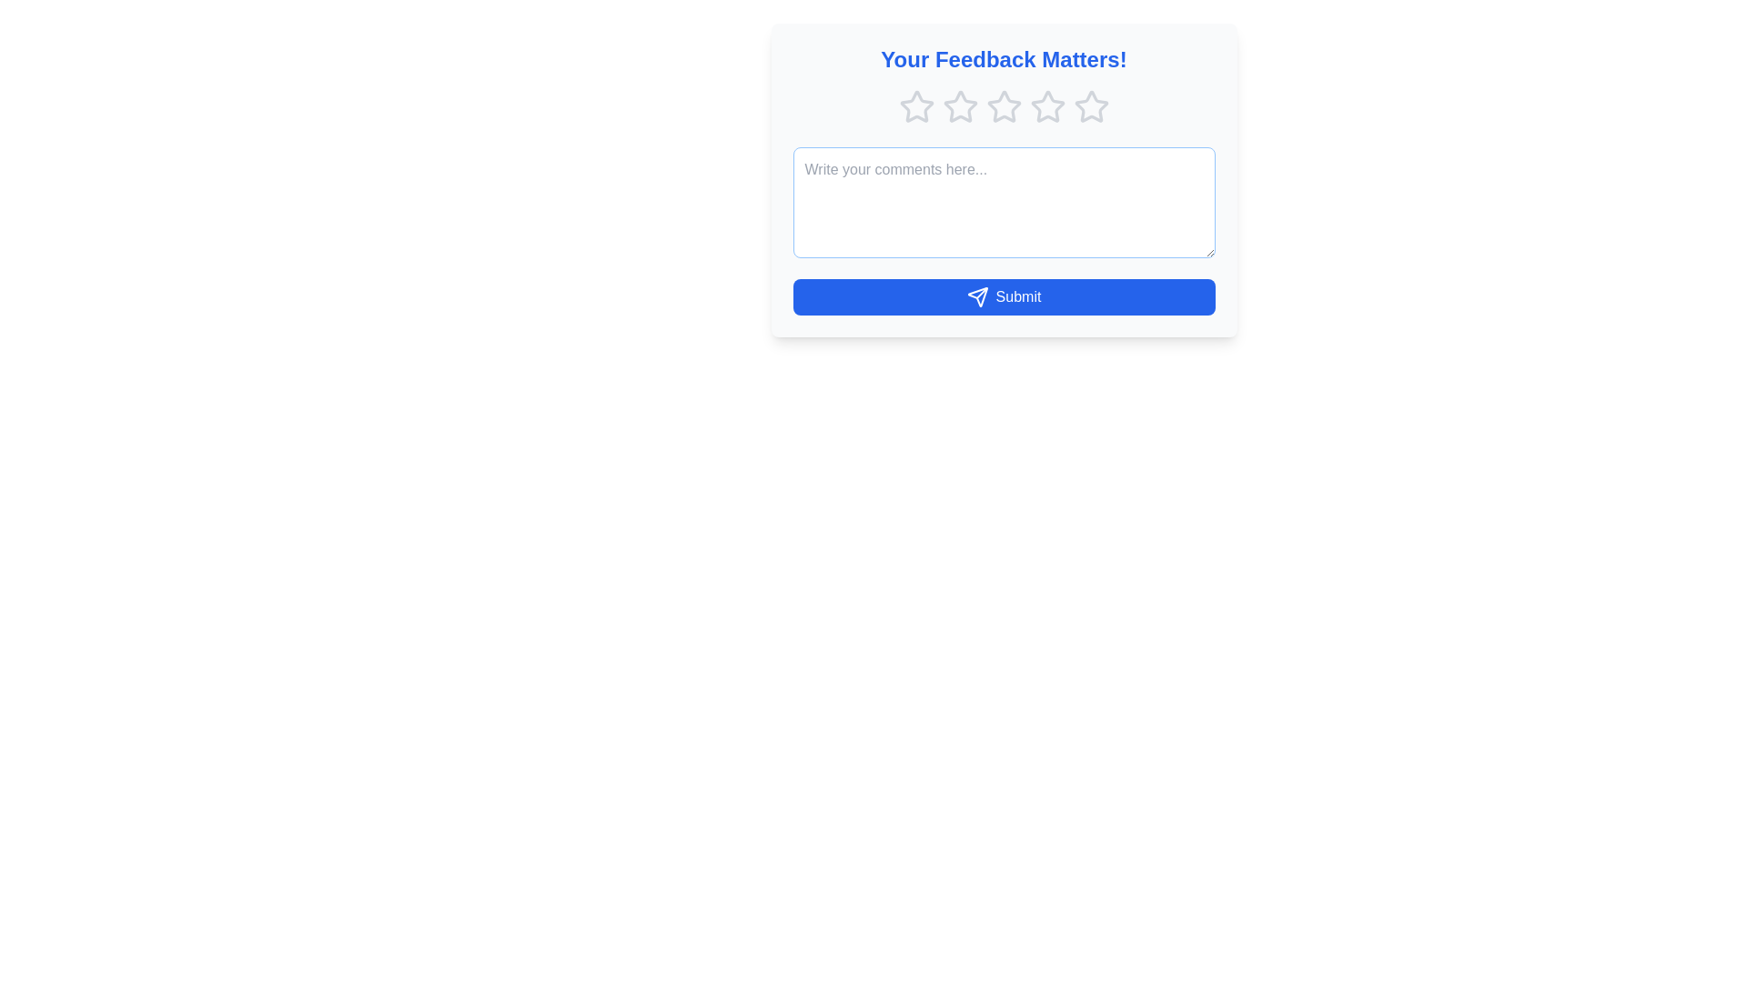  Describe the element at coordinates (976, 296) in the screenshot. I see `the paper plane icon, which is a gray outlined icon positioned on the left within the 'Submit' button below the comment input field` at that location.